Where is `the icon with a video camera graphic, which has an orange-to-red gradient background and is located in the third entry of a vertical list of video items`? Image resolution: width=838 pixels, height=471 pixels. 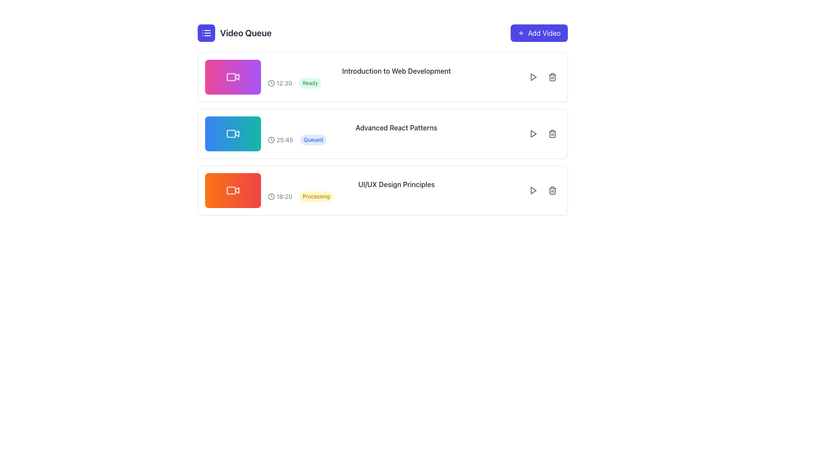
the icon with a video camera graphic, which has an orange-to-red gradient background and is located in the third entry of a vertical list of video items is located at coordinates (231, 190).